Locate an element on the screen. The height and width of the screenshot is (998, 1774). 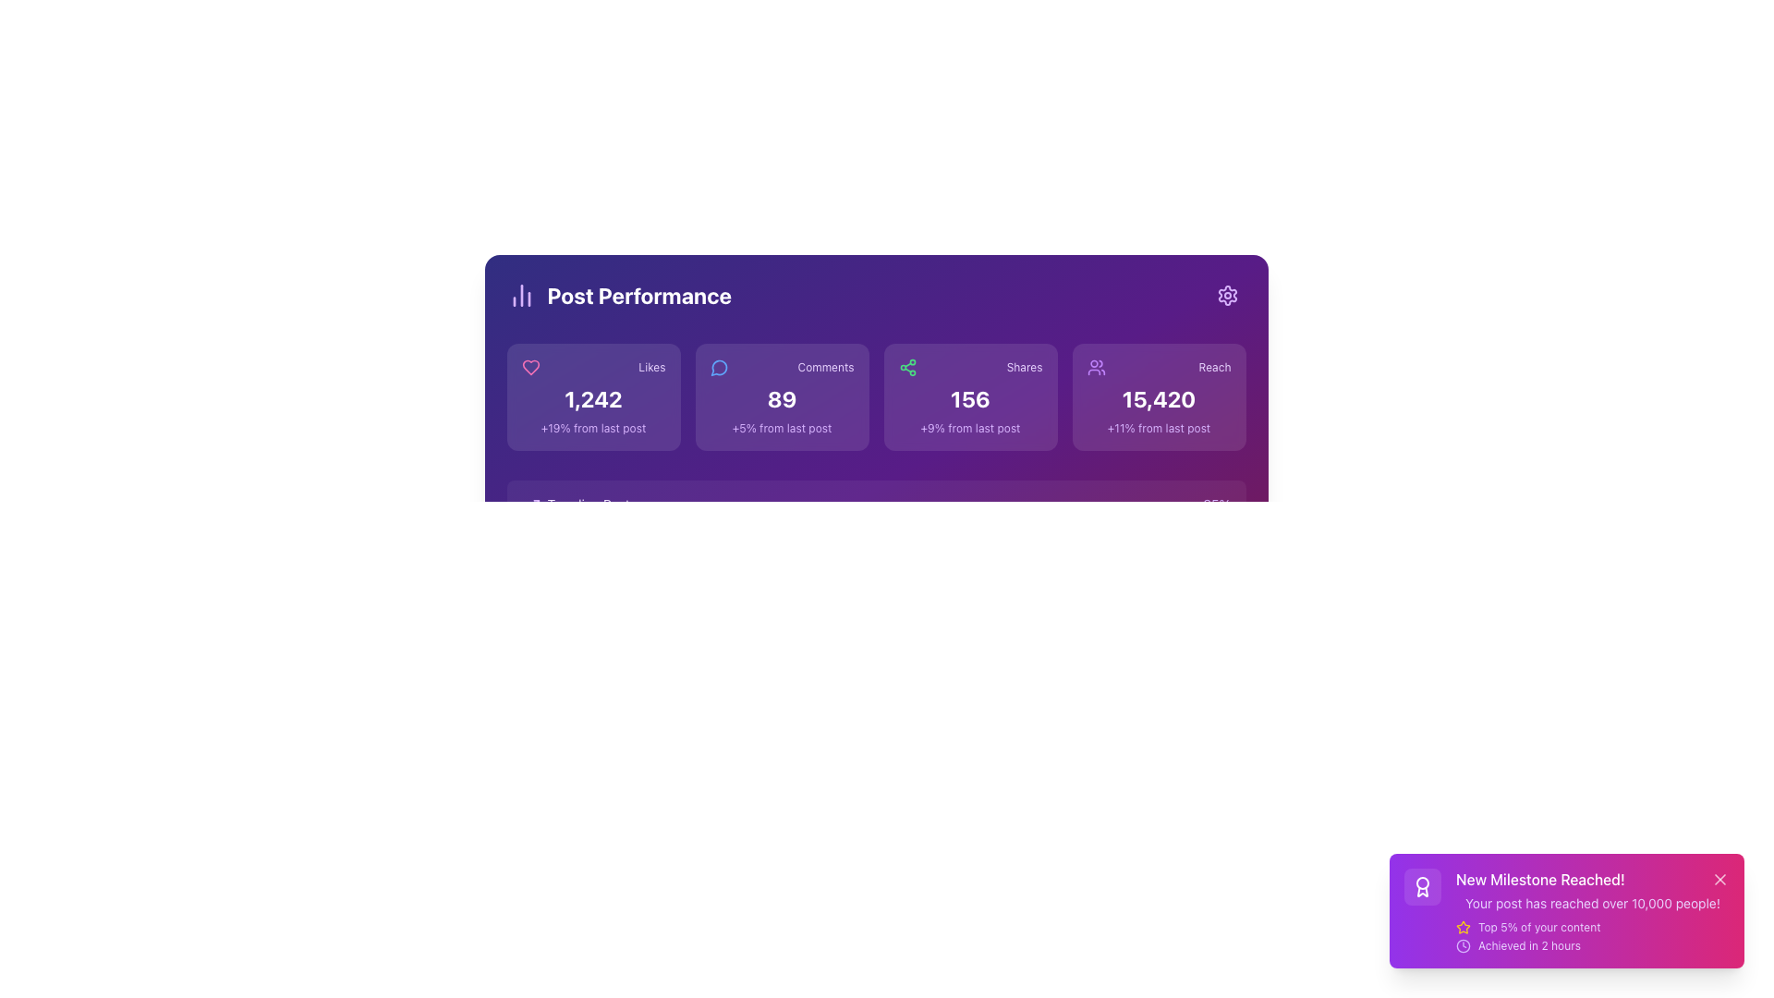
the star-shaped icon filled with vibrant yellow color located in the bottom-right corner near the 'New Milestone Reached!' notification panel, to the left of the close button ('X') is located at coordinates (1463, 927).